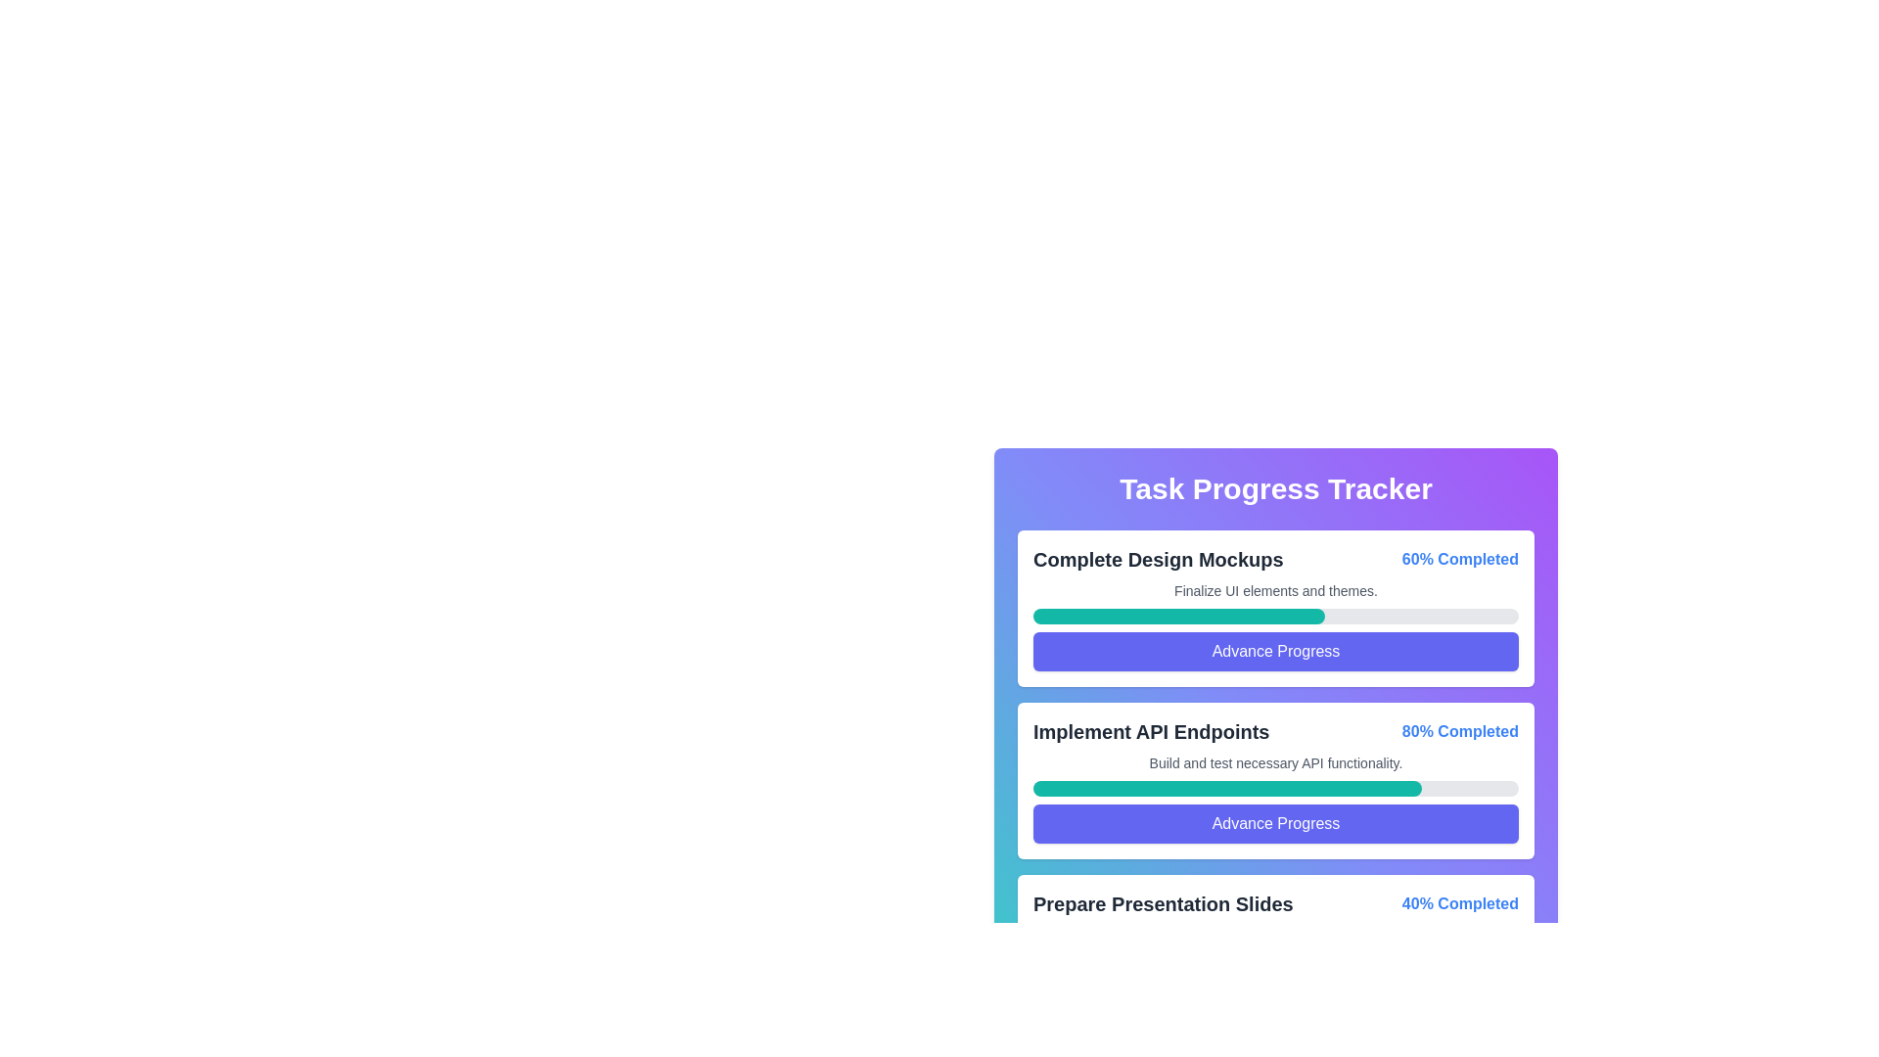 The image size is (1879, 1057). I want to click on the static text element that reads 'Finalize UI elements and themes.' which is located below the bolded text 'Complete Design Mockups' and above a progress bar, so click(1276, 590).